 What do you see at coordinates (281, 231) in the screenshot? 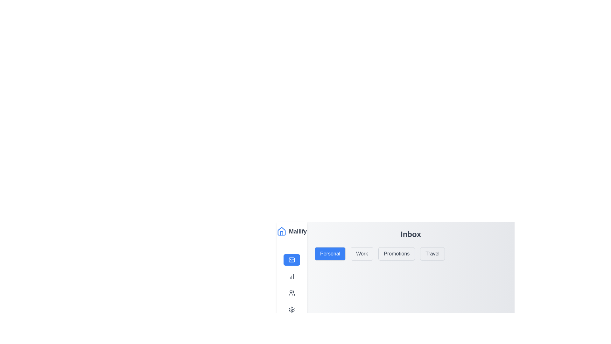
I see `the blue outlined home-shaped icon located in the header section` at bounding box center [281, 231].